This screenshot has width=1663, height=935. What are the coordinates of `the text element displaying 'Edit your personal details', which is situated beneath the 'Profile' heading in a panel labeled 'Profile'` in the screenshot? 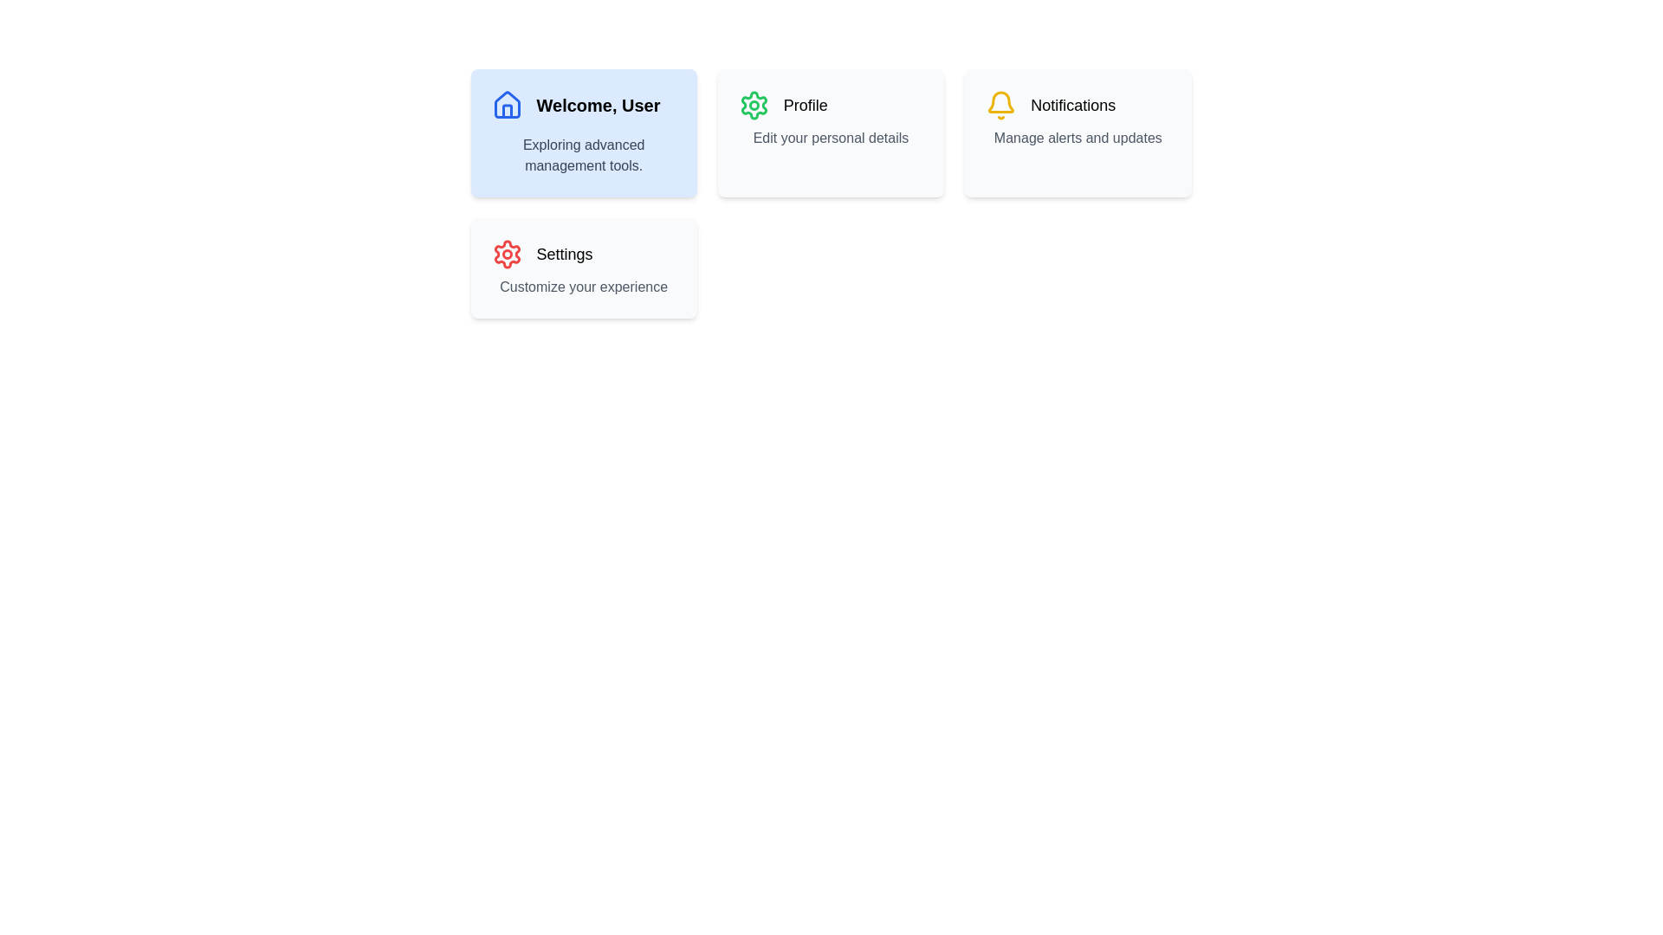 It's located at (830, 137).